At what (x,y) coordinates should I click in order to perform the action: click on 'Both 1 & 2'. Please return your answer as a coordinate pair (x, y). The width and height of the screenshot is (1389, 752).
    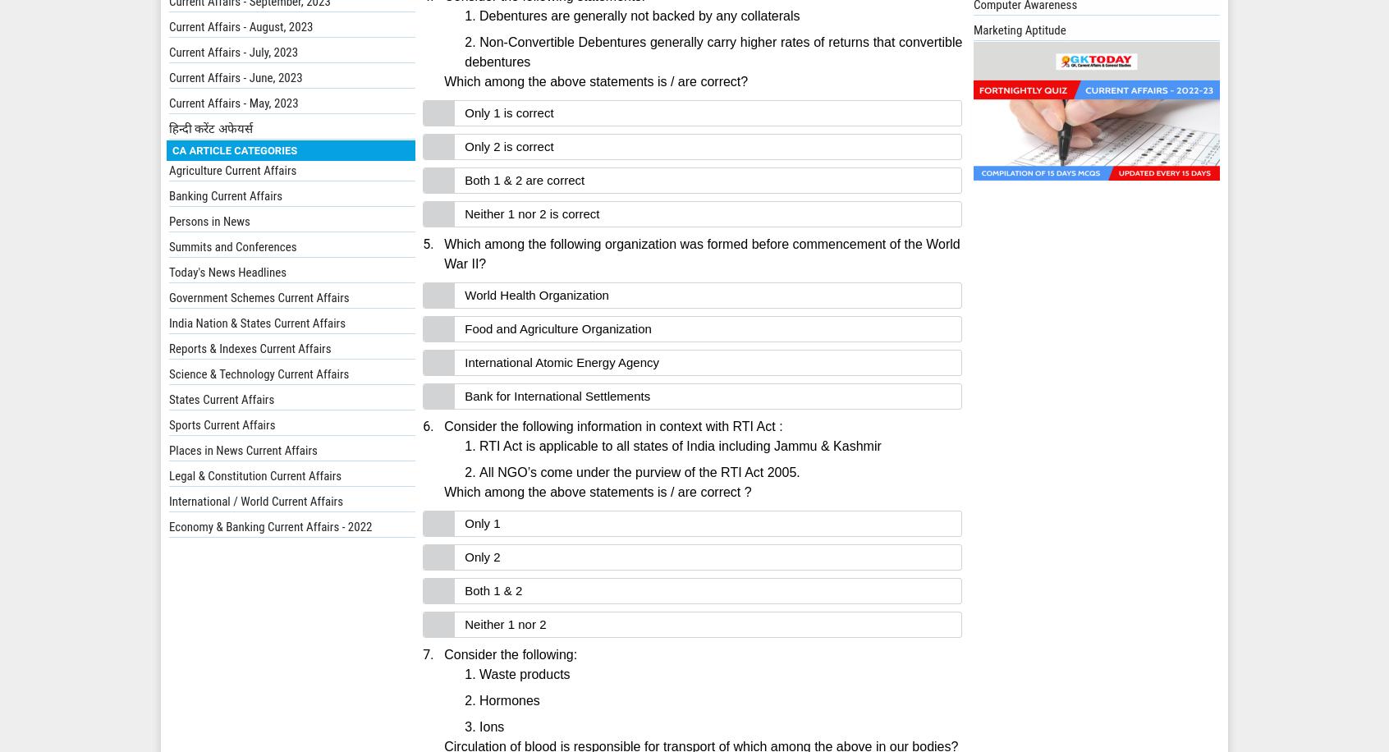
    Looking at the image, I should click on (492, 590).